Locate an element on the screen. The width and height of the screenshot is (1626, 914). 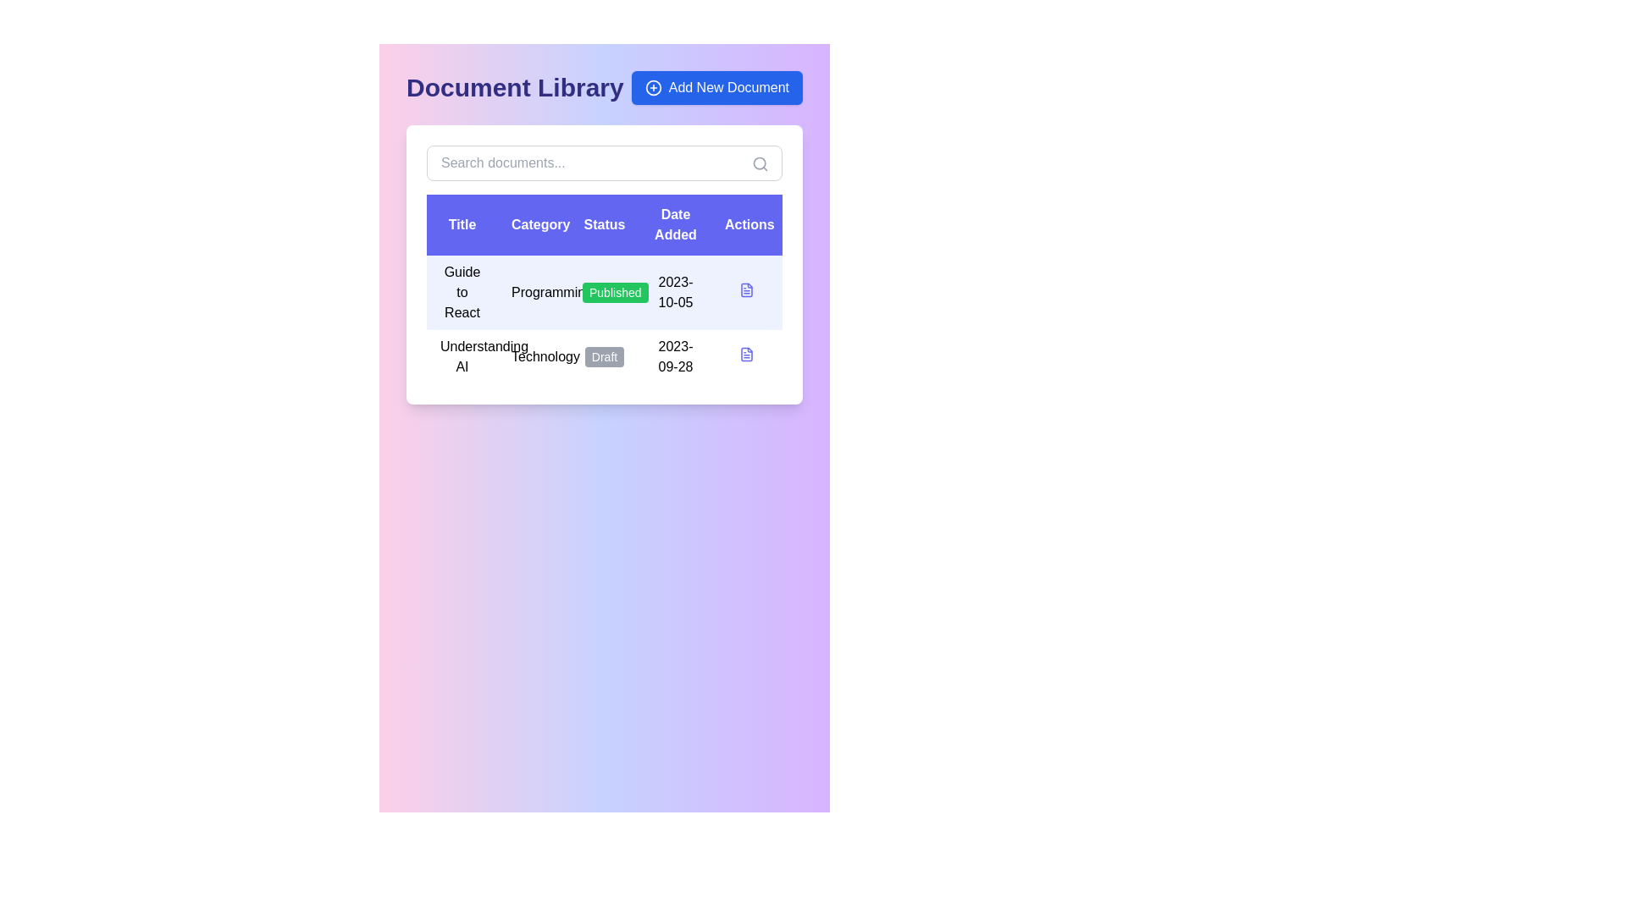
the document icon in the 'Actions' column of the first row in the document table is located at coordinates (746, 289).